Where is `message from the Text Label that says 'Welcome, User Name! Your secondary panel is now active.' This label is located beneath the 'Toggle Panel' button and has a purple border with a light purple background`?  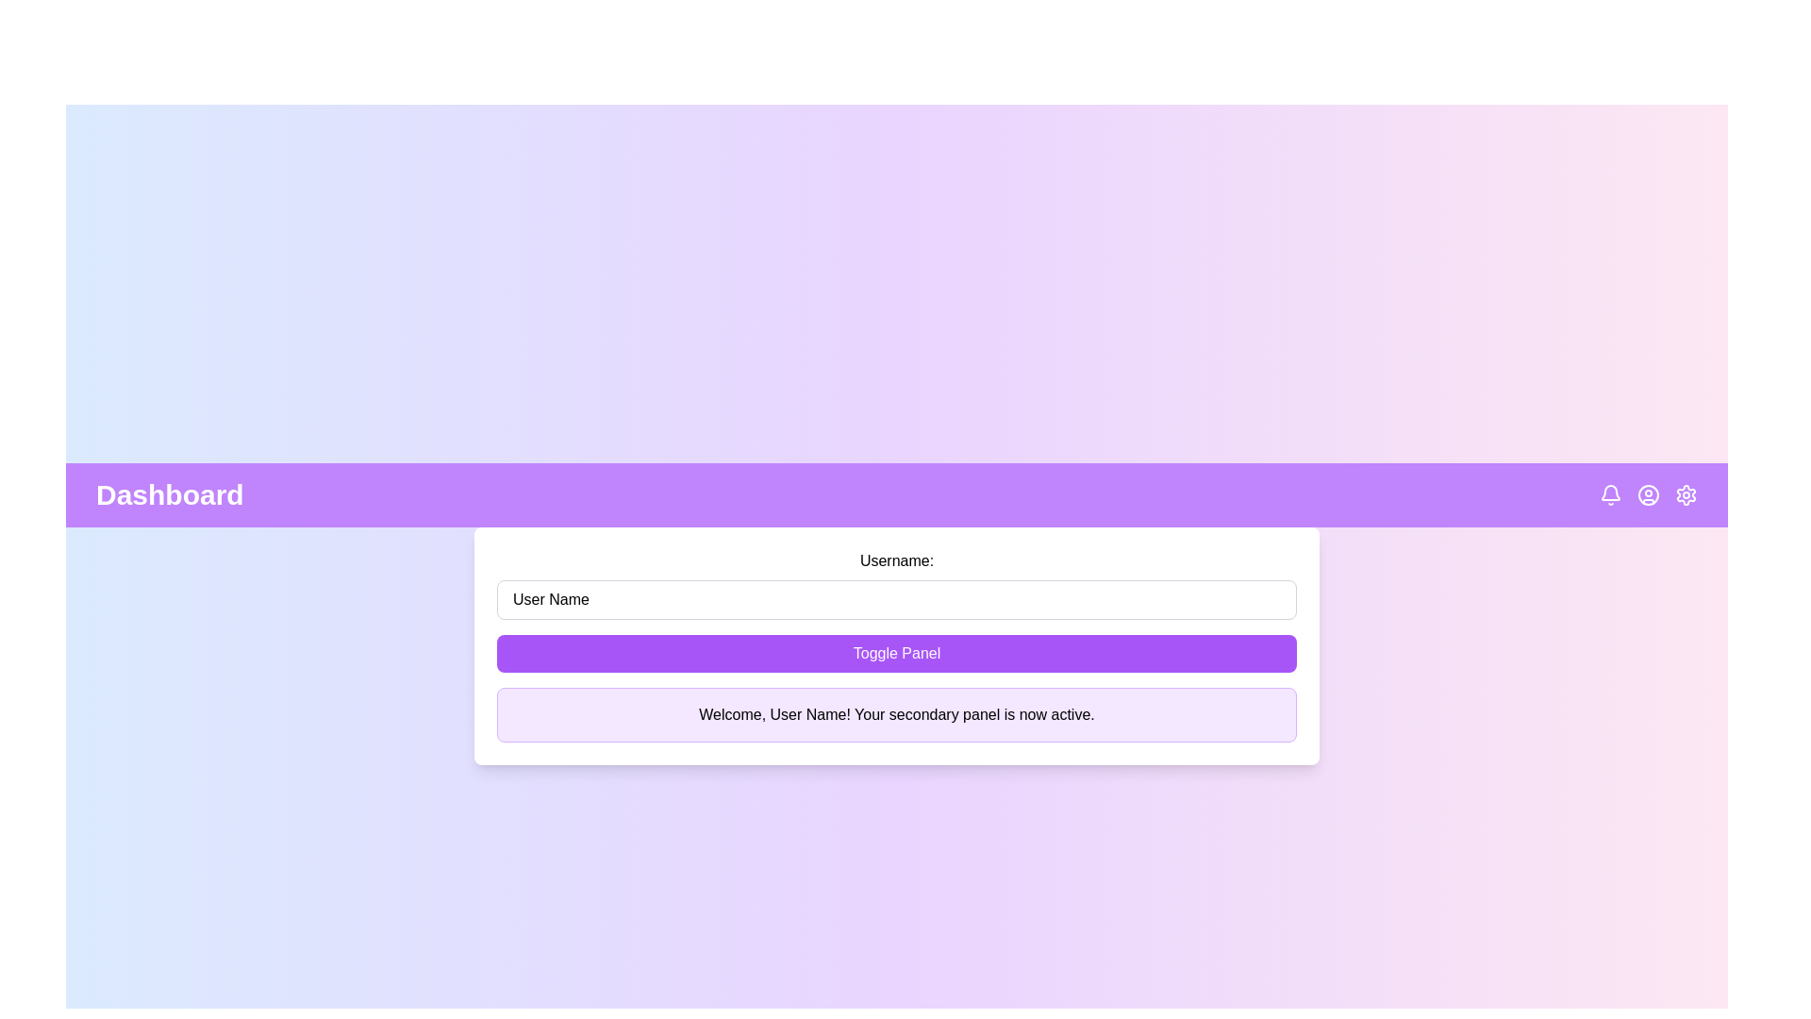
message from the Text Label that says 'Welcome, User Name! Your secondary panel is now active.' This label is located beneath the 'Toggle Panel' button and has a purple border with a light purple background is located at coordinates (895, 715).